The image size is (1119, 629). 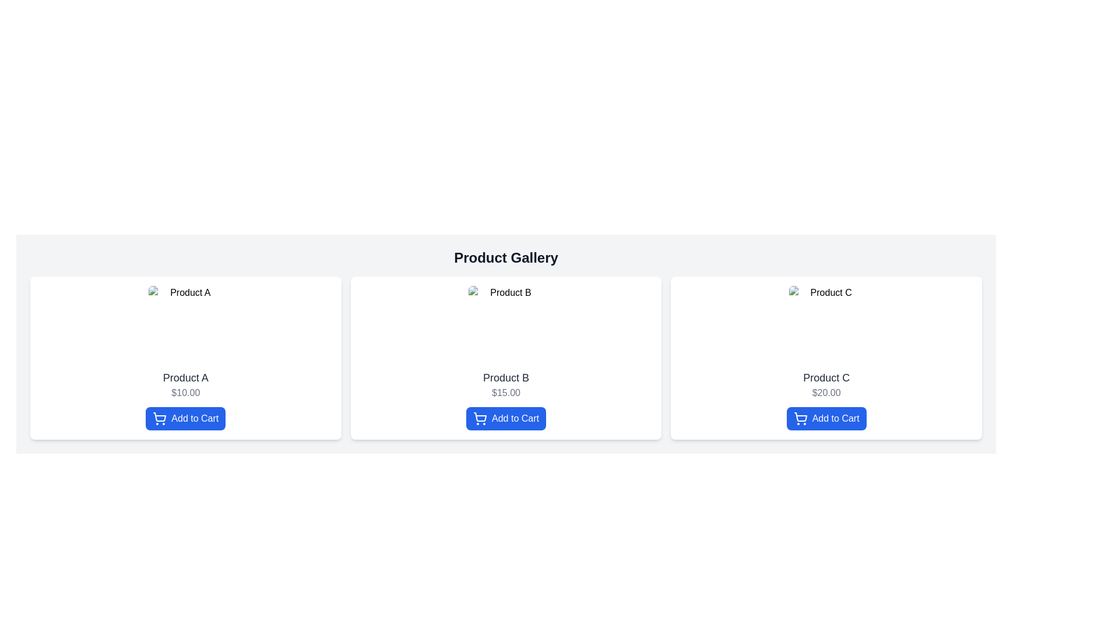 I want to click on the 'Add to Cart' button for 'Product C' located at the bottom section of its product card, so click(x=826, y=418).